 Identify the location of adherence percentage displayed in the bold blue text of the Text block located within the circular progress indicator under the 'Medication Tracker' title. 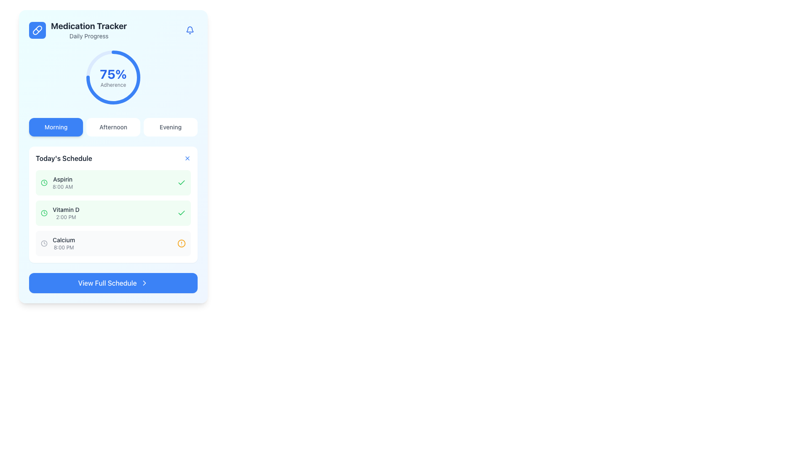
(113, 78).